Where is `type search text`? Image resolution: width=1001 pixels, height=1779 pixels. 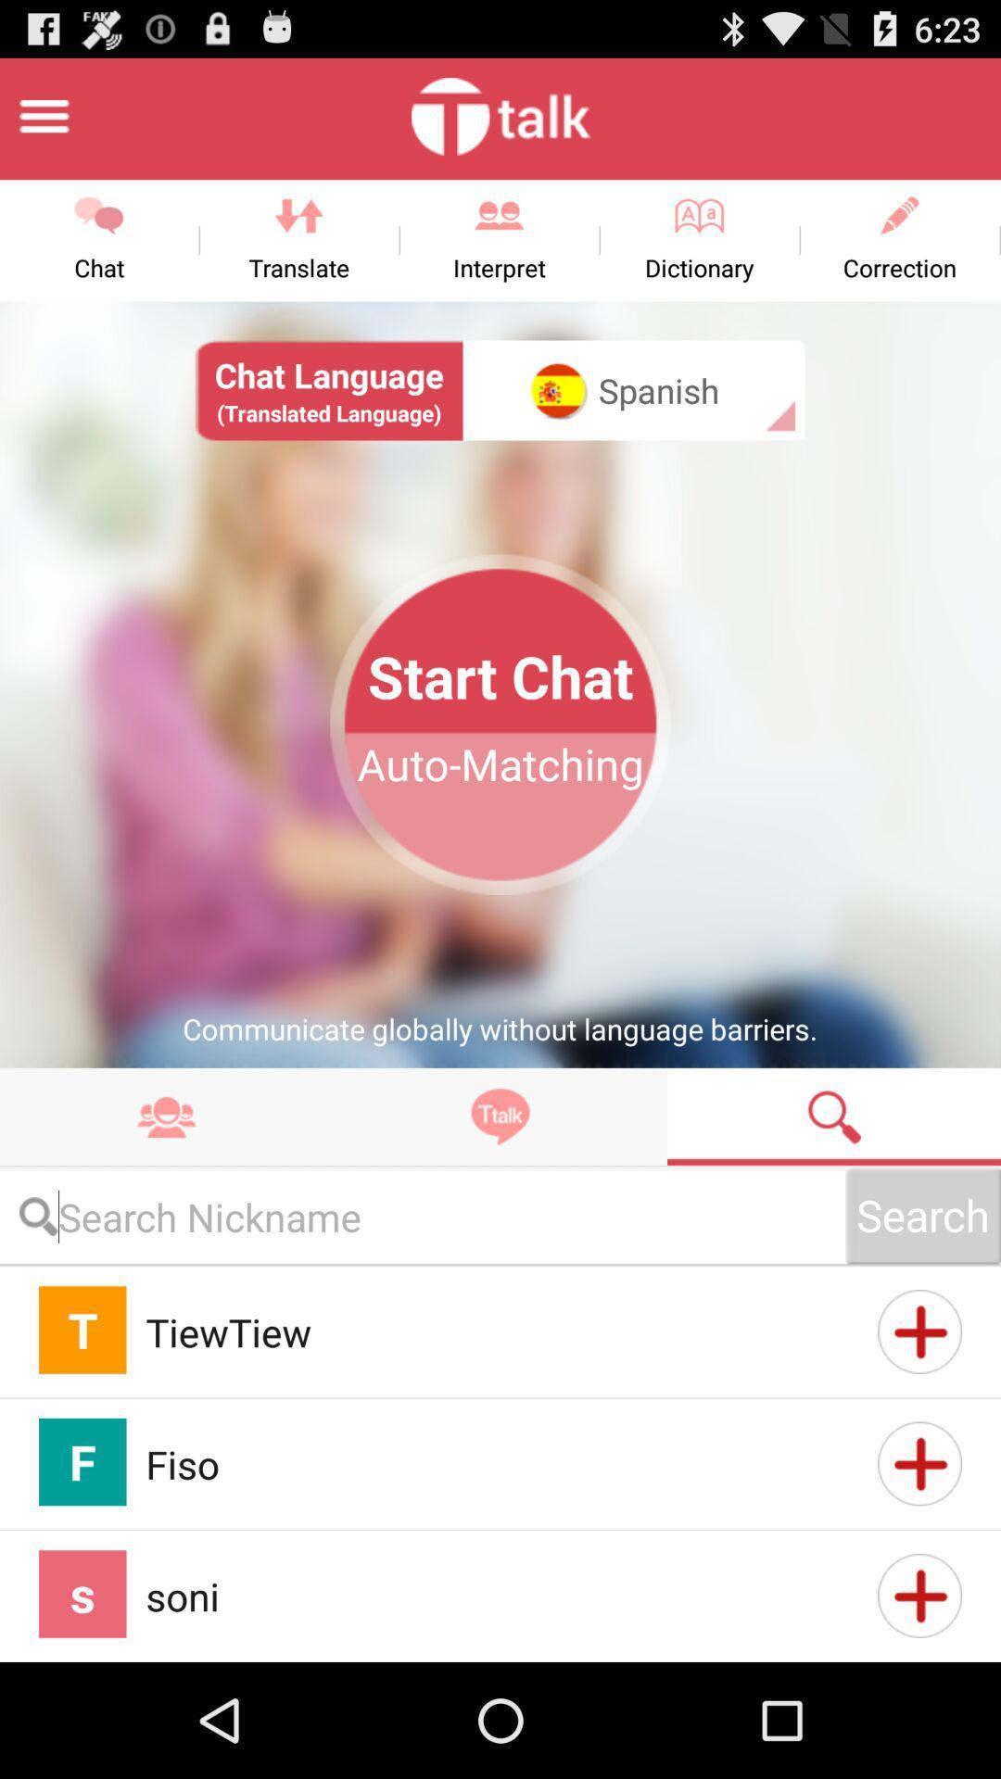
type search text is located at coordinates (422, 1217).